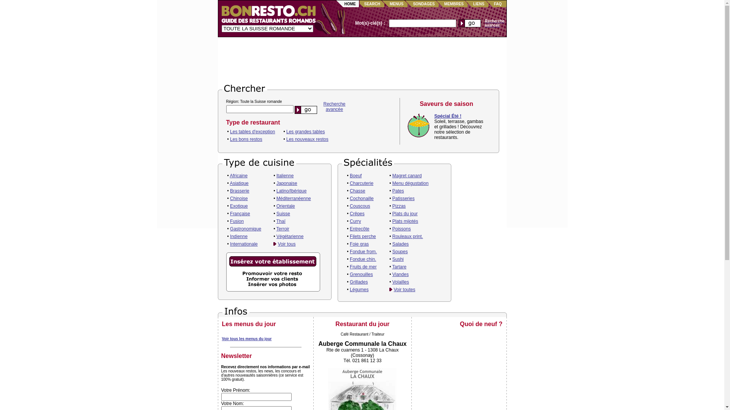 This screenshot has height=410, width=730. Describe the element at coordinates (284, 175) in the screenshot. I see `'Italienne'` at that location.